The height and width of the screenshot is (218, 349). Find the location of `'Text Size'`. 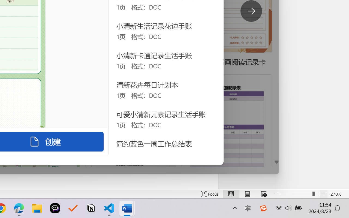

'Text Size' is located at coordinates (300, 194).